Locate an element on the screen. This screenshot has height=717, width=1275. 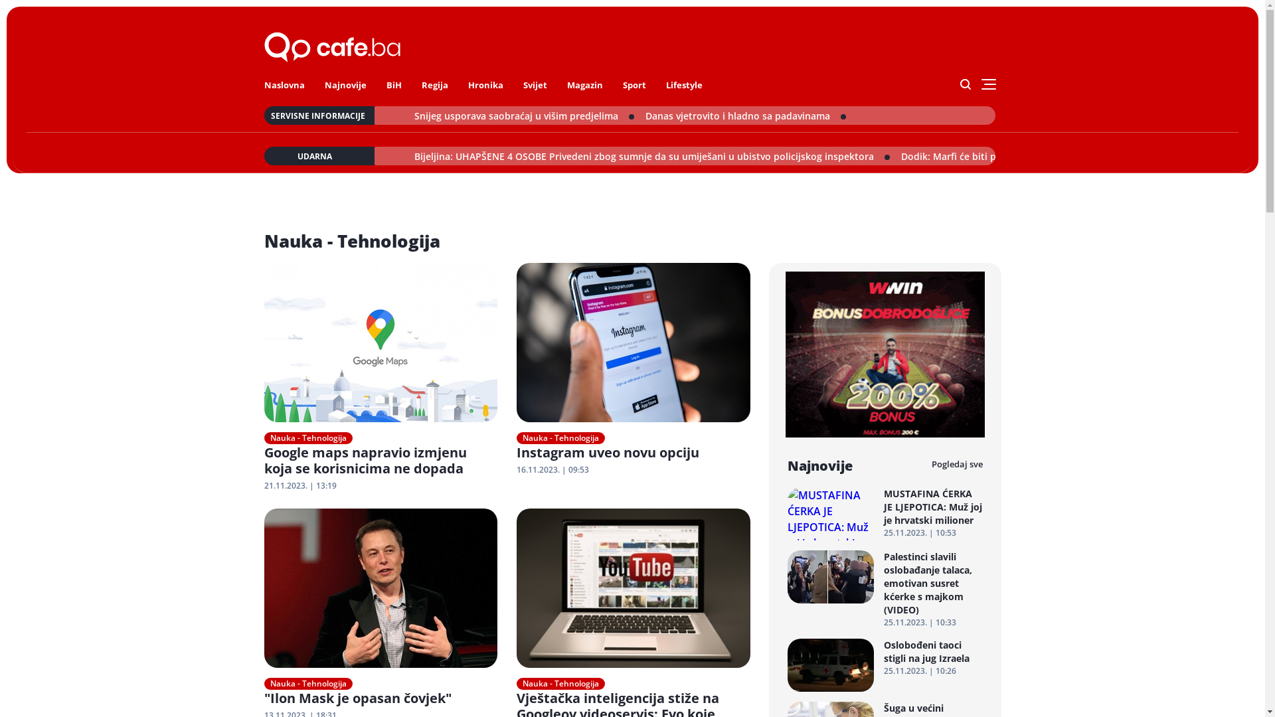
'Najnovije' is located at coordinates (345, 84).